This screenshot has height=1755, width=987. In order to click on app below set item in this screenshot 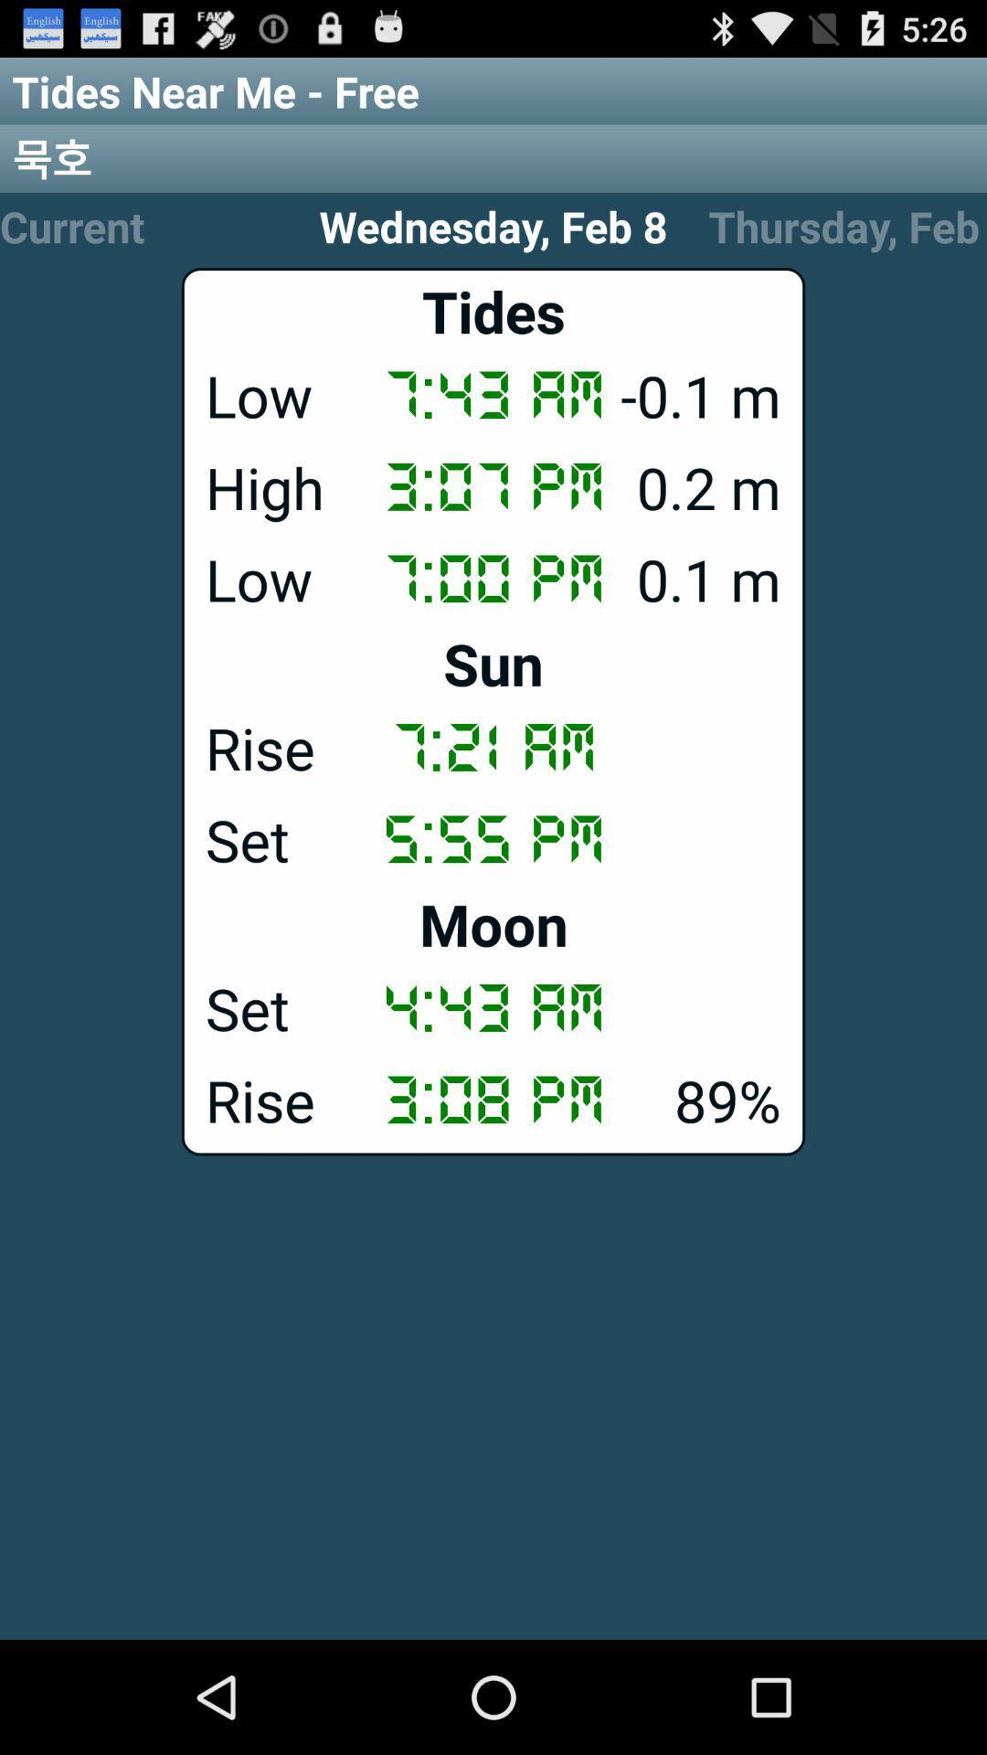, I will do `click(493, 924)`.